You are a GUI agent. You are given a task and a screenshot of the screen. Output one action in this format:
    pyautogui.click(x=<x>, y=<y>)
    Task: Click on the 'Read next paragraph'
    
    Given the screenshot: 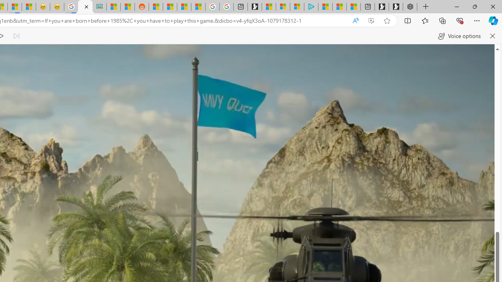 What is the action you would take?
    pyautogui.click(x=16, y=36)
    